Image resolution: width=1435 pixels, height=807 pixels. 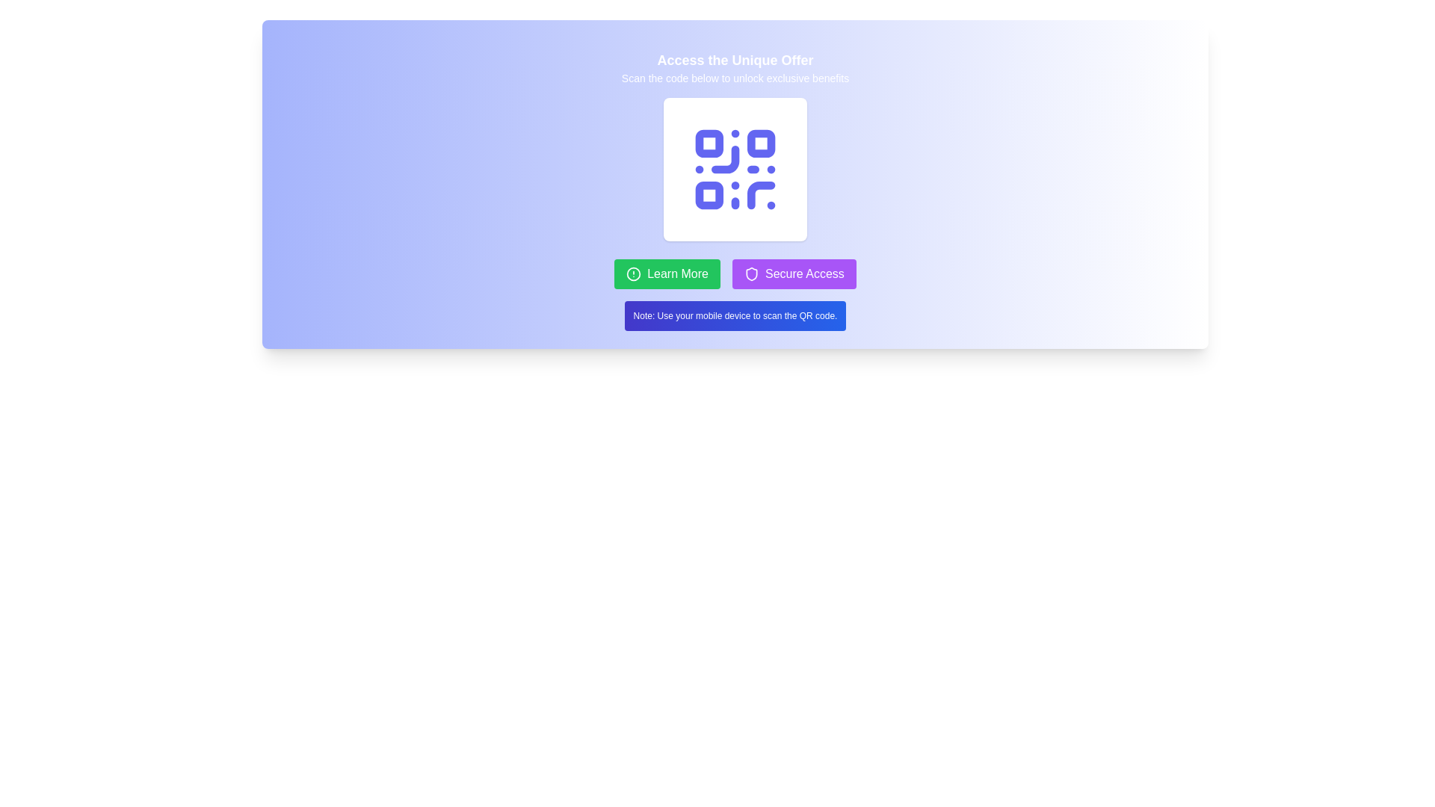 What do you see at coordinates (735, 78) in the screenshot?
I see `the text instruction that reads 'Scan the code below to unlock exclusive benefits.' which is located immediately below the title 'Access the Unique Offer'` at bounding box center [735, 78].